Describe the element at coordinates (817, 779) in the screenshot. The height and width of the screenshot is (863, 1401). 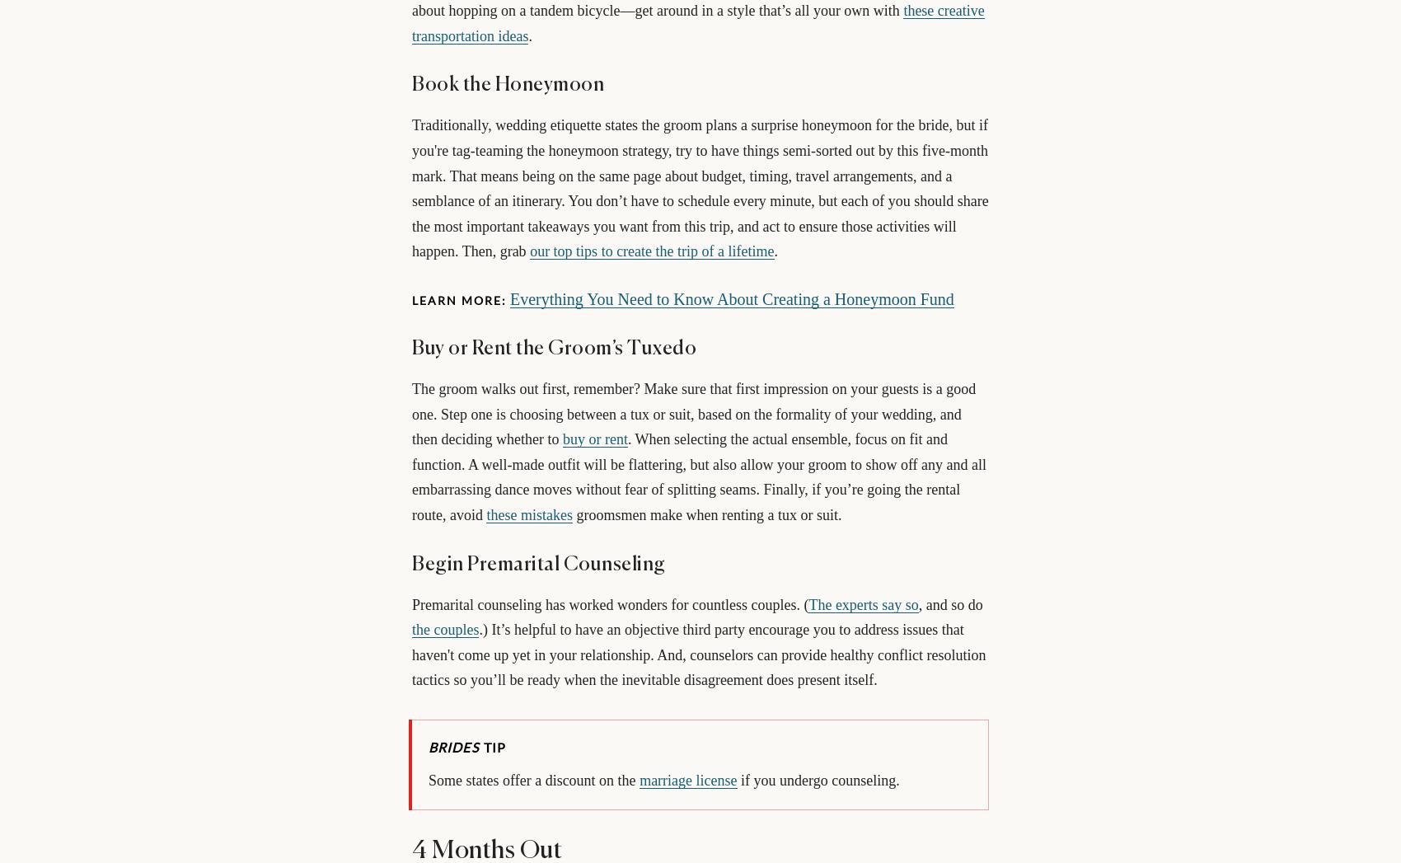
I see `'if you undergo counseling.'` at that location.